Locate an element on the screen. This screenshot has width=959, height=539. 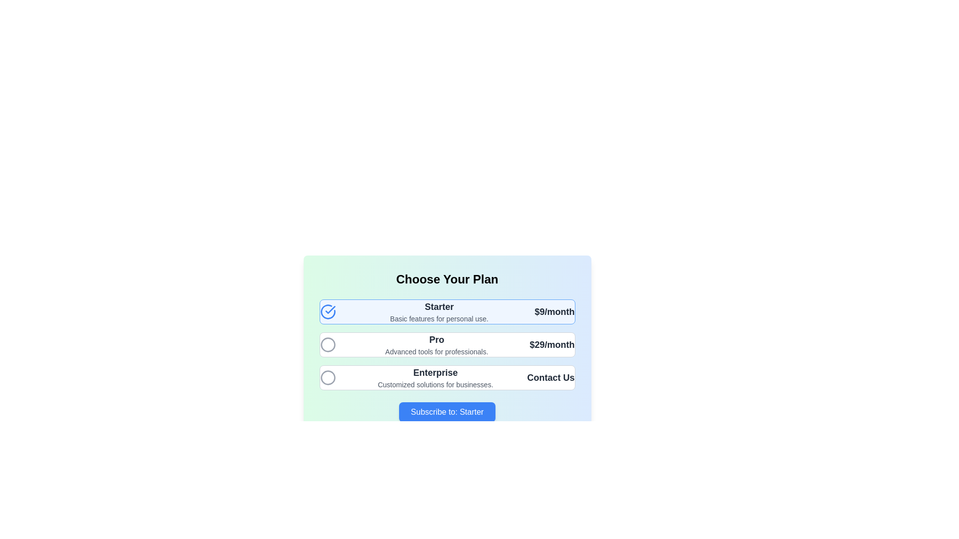
the graphical checkmark icon within the 'Starter' pricing plan's selection box to toggle the selection is located at coordinates (330, 309).